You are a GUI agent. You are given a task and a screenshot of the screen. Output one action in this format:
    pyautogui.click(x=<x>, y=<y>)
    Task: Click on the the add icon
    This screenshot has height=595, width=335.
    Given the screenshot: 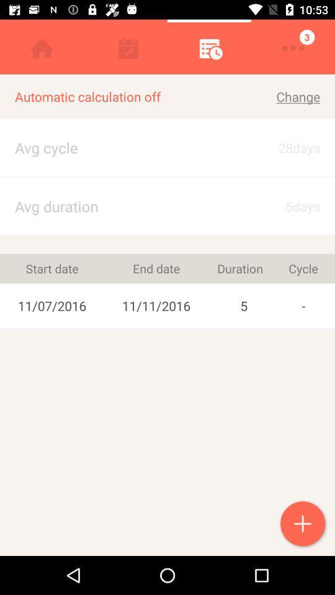 What is the action you would take?
    pyautogui.click(x=303, y=524)
    